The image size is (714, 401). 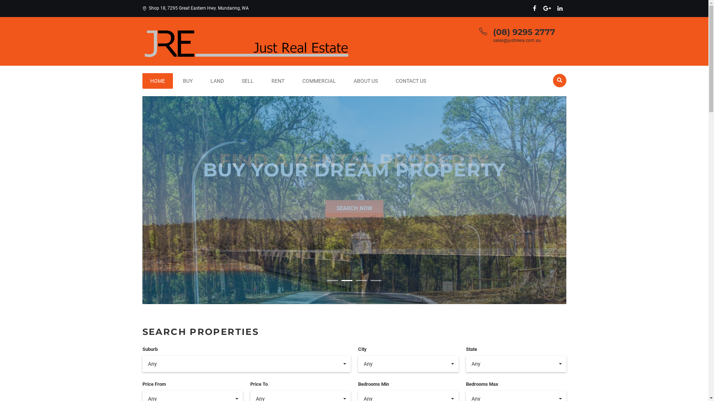 What do you see at coordinates (294, 81) in the screenshot?
I see `'COMMERCIAL'` at bounding box center [294, 81].